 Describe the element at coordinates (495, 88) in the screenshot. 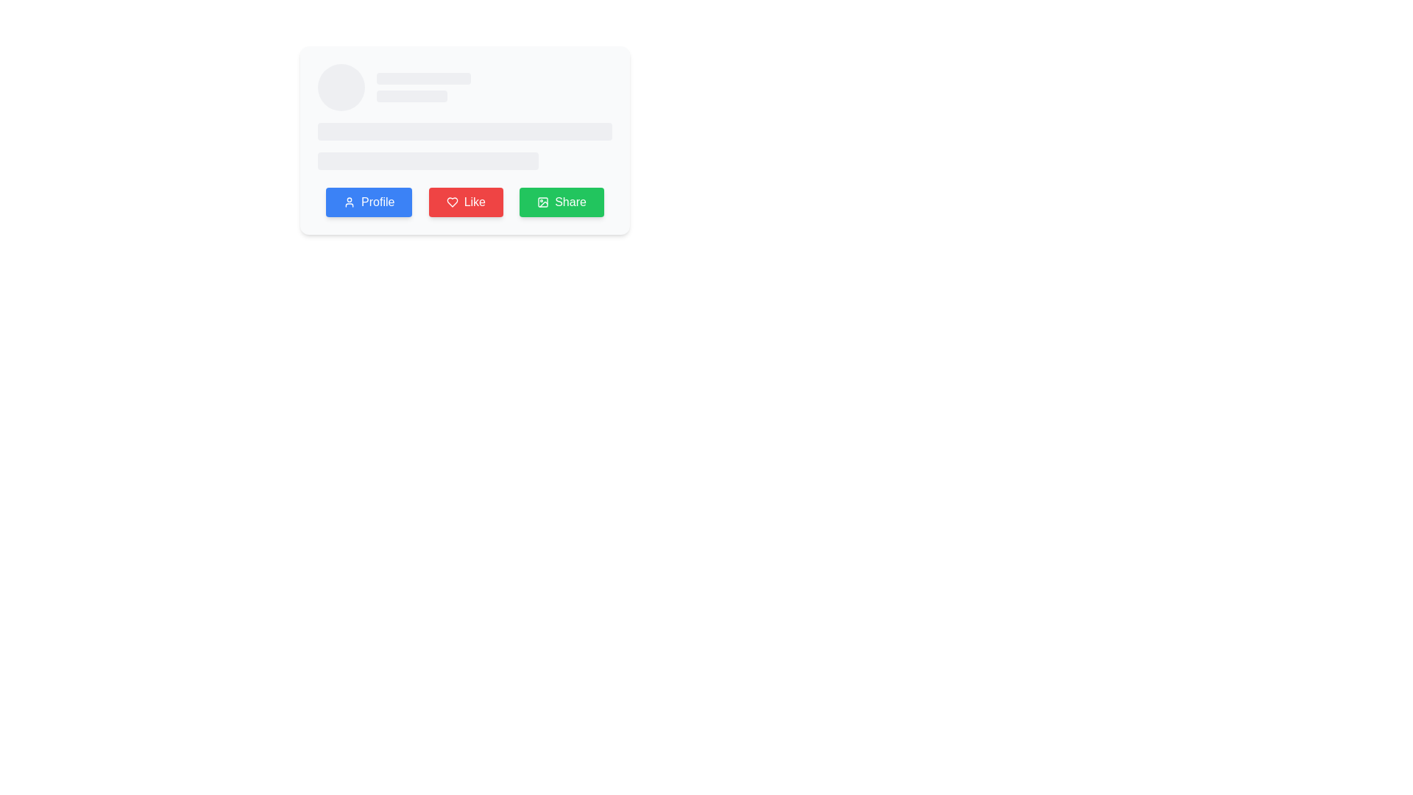

I see `the Skeleton loading placeholder, which is a horizontally elongated rectangular element styled with a grayish color and rounded corners, located to the right of a circular placeholder and between two smaller rounded rectangular placeholders` at that location.